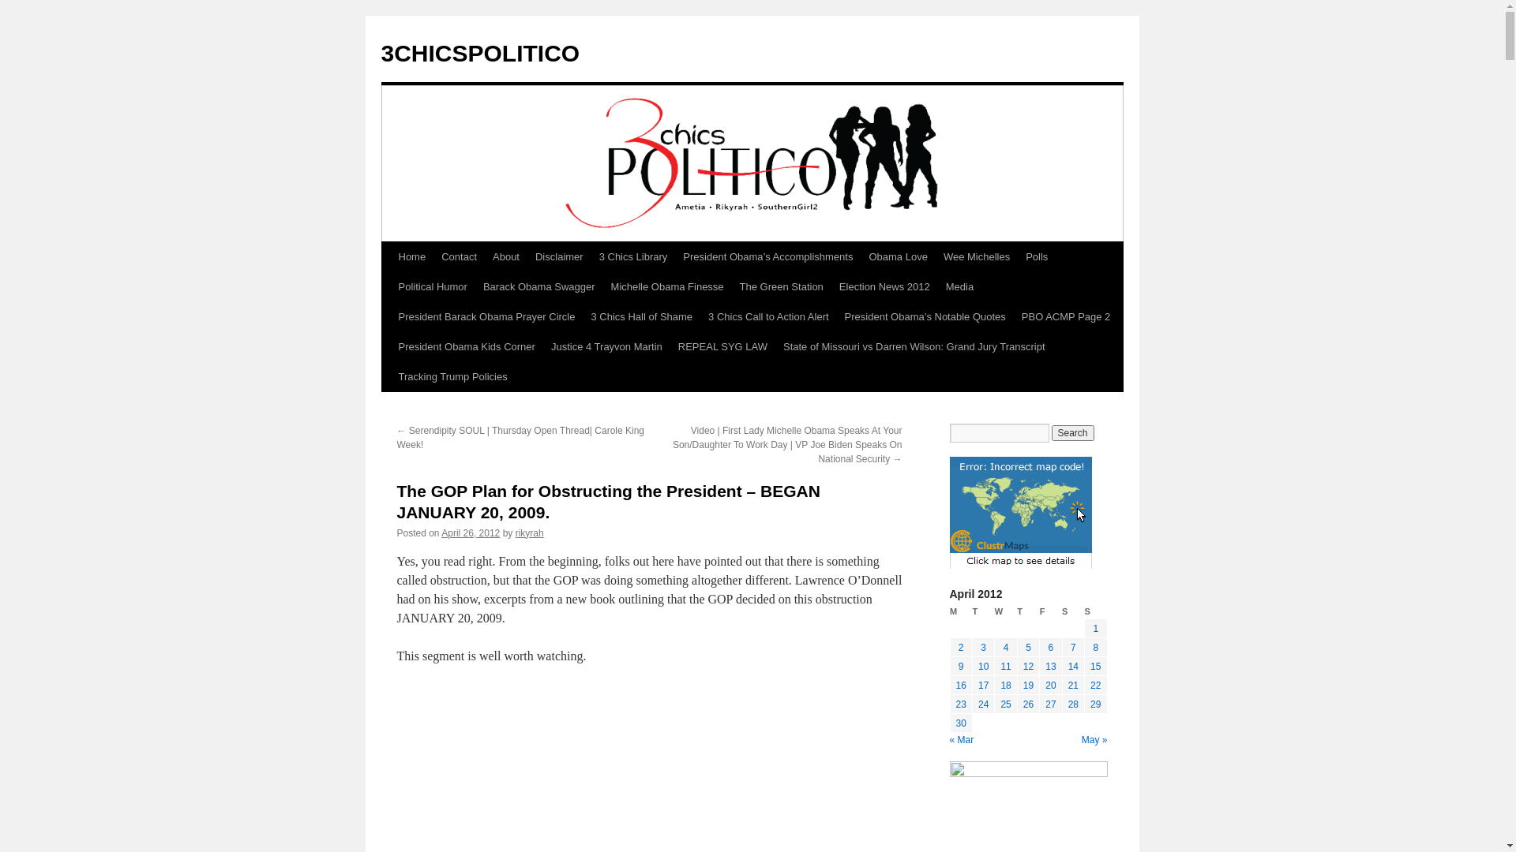  I want to click on '24', so click(977, 704).